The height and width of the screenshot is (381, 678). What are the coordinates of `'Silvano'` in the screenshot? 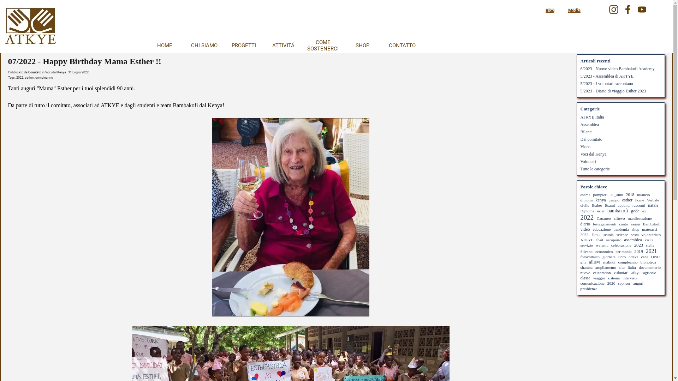 It's located at (586, 251).